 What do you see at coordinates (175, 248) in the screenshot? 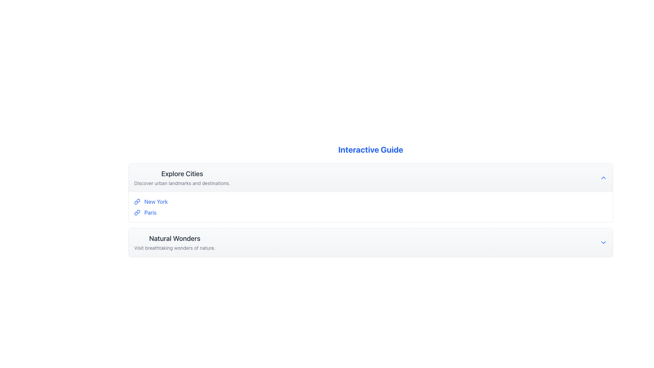
I see `the Text Label that contains the content 'Visit breathtaking wonders of nature.' positioned below the 'Natural Wonders' heading` at bounding box center [175, 248].